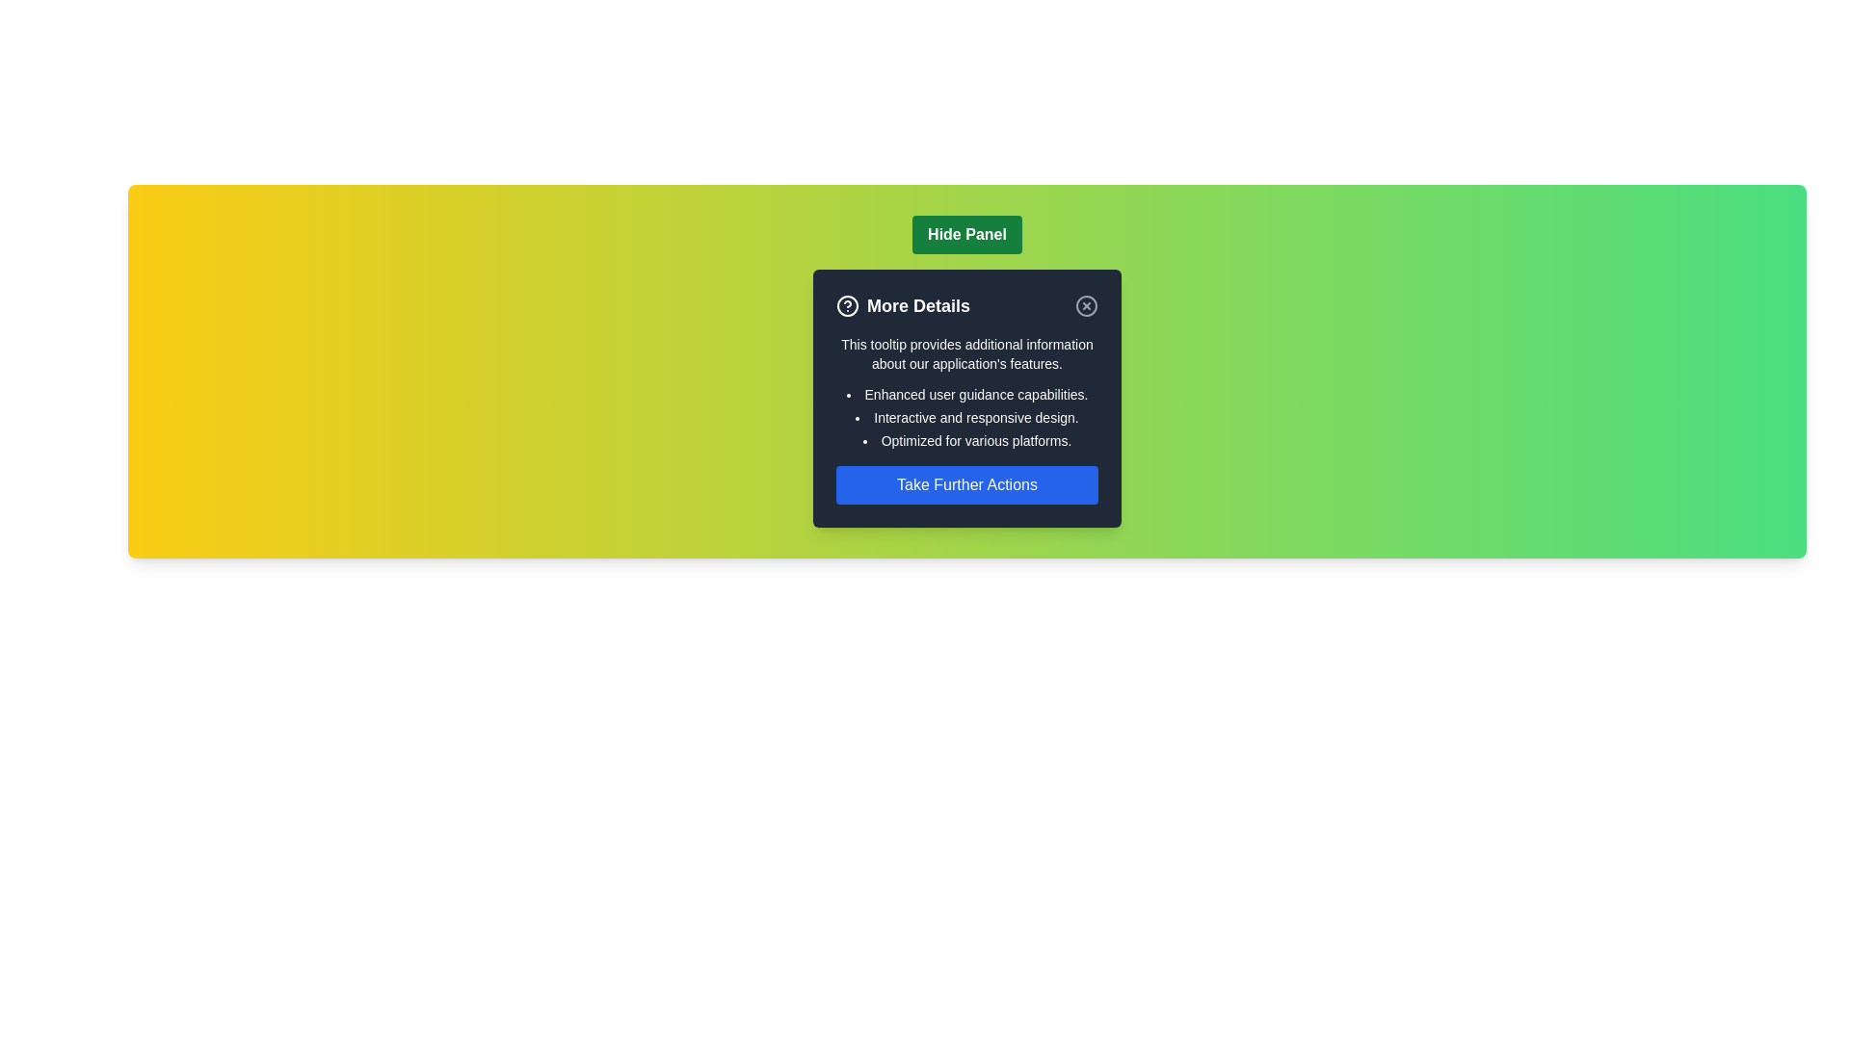  What do you see at coordinates (847, 304) in the screenshot?
I see `the circular icon with a question mark symbol located` at bounding box center [847, 304].